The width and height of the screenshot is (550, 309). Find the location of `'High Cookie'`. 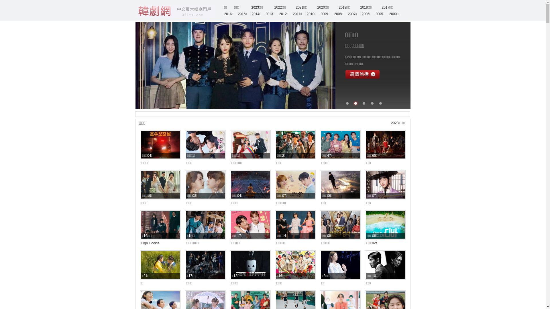

'High Cookie' is located at coordinates (141, 243).